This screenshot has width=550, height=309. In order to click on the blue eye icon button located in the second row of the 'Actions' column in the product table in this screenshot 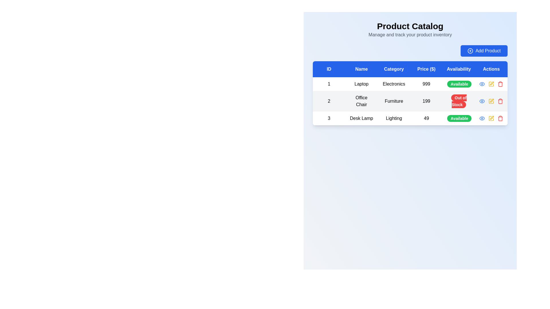, I will do `click(482, 84)`.